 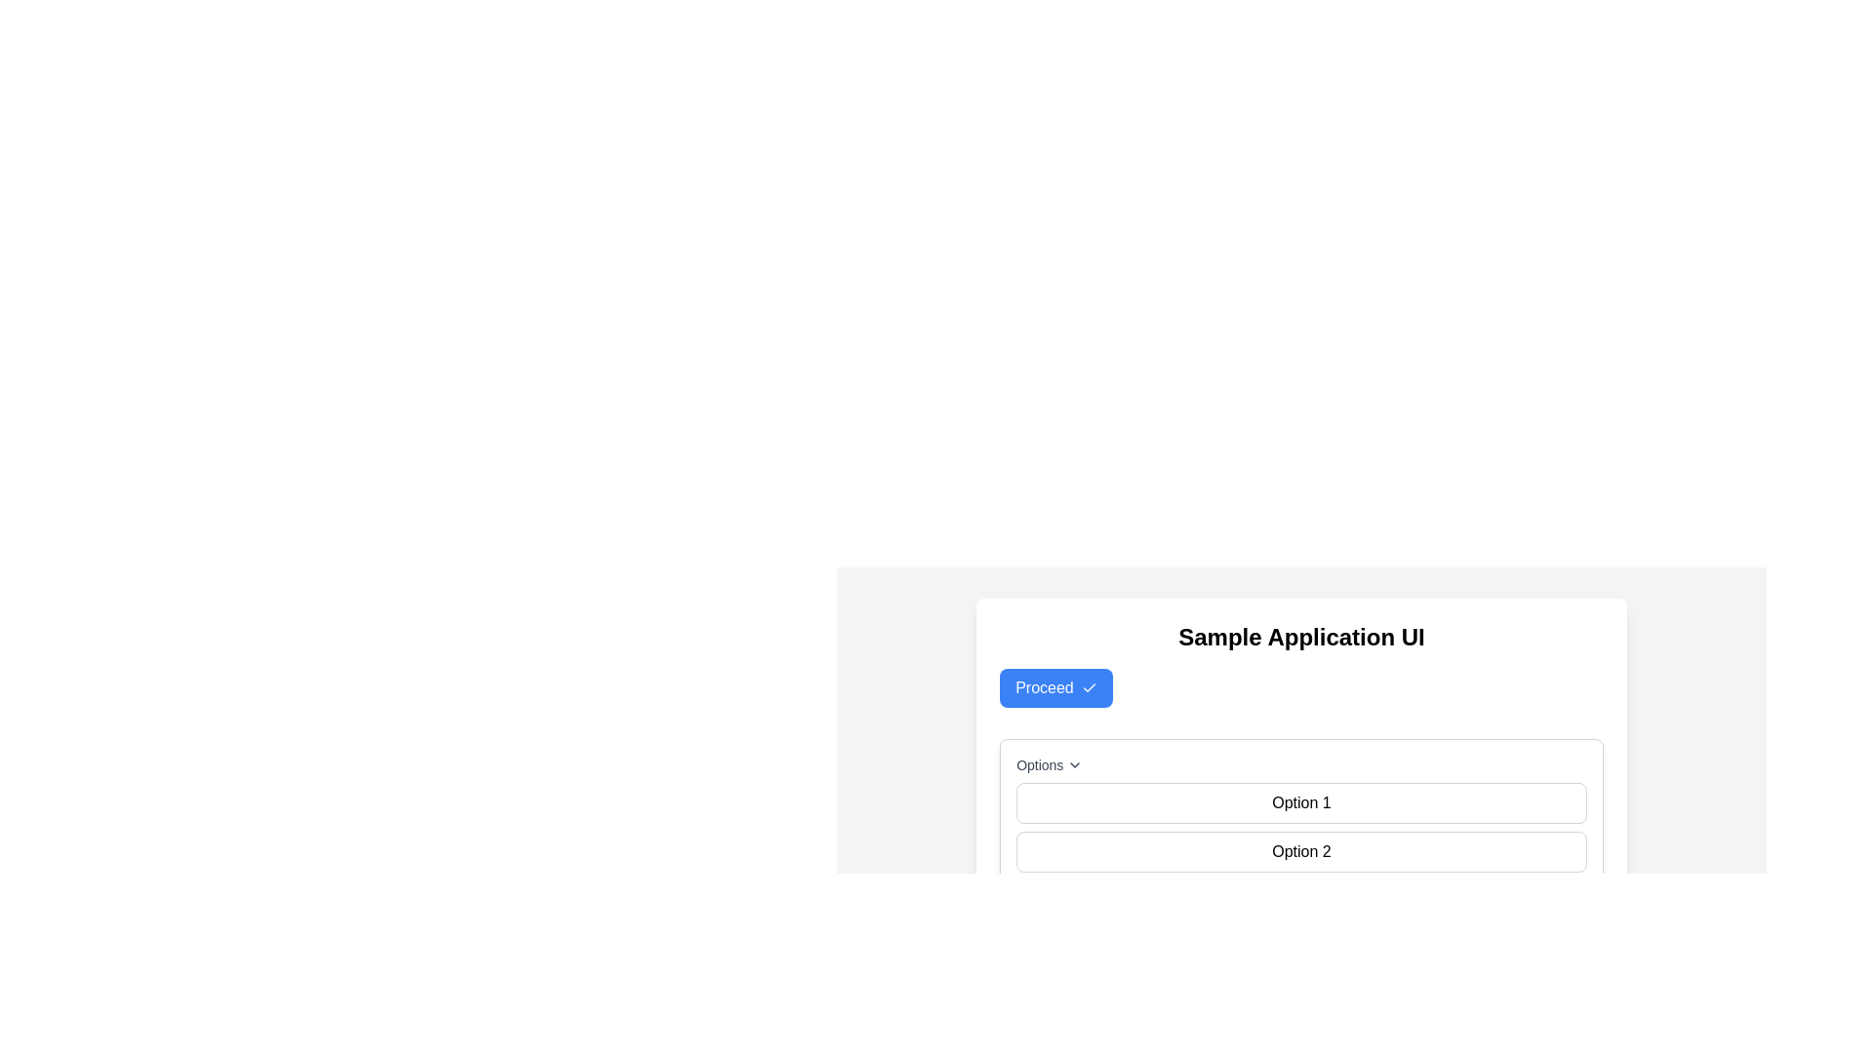 What do you see at coordinates (1301, 764) in the screenshot?
I see `the Dropdown Label element that indicates the currently selected option and triggers the dropdown menu` at bounding box center [1301, 764].